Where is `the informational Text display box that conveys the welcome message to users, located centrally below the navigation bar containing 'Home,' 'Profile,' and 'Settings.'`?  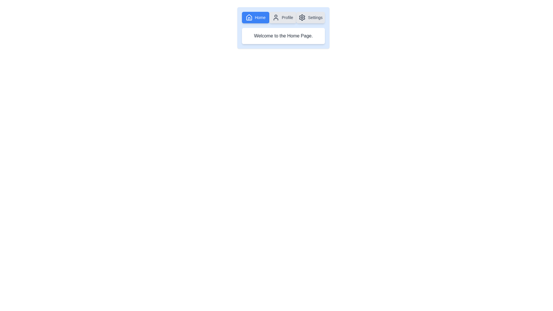
the informational Text display box that conveys the welcome message to users, located centrally below the navigation bar containing 'Home,' 'Profile,' and 'Settings.' is located at coordinates (283, 36).